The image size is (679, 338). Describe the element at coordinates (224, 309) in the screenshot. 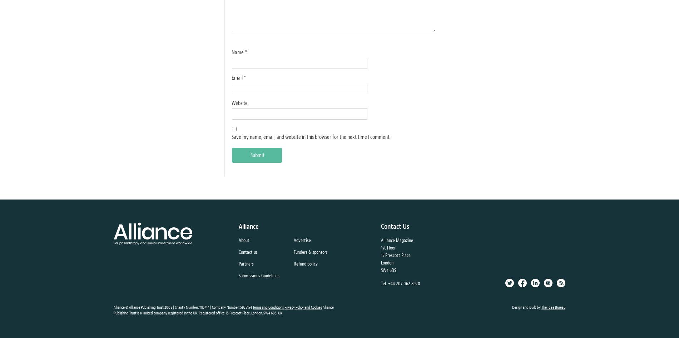

I see `'Alliance Publishing Trust is a limited company registered in the UK. Registered office: 15 Prescott Place, London, SW4 6BS, UK'` at that location.